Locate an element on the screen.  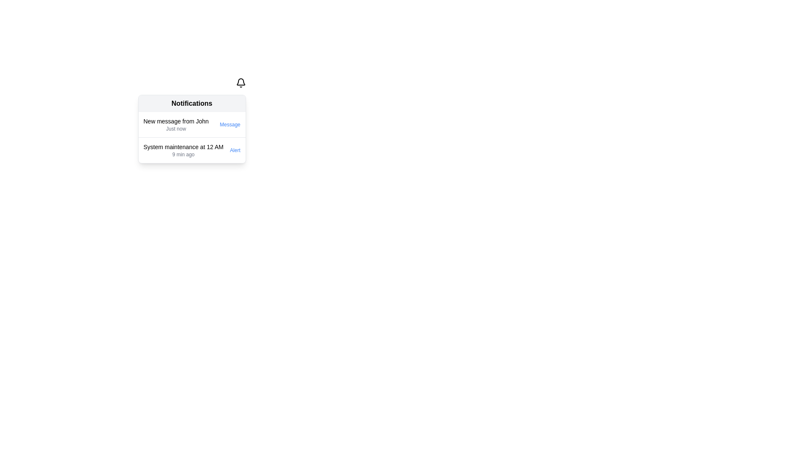
the 'Notifications' header in the notifications dropdown menu, which has a gray background and contains bold, centered text is located at coordinates (191, 103).